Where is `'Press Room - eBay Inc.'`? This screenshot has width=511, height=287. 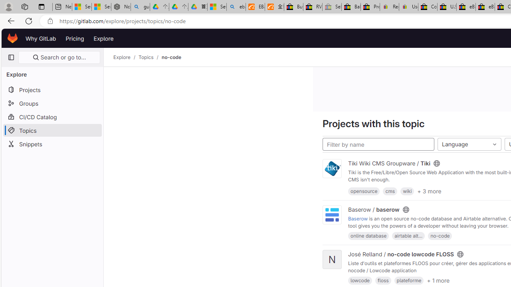
'Press Room - eBay Inc.' is located at coordinates (370, 7).